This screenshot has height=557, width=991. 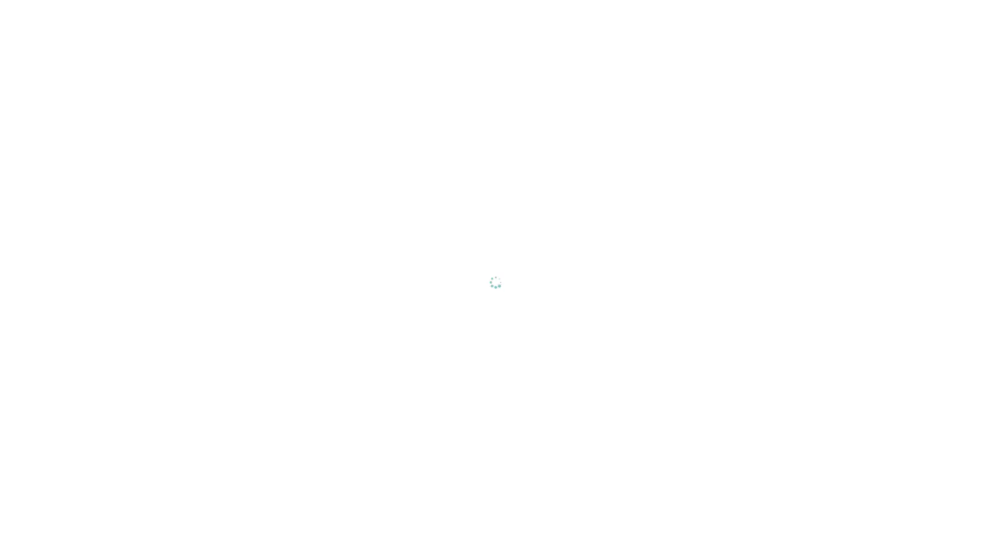 What do you see at coordinates (616, 117) in the screenshot?
I see `Accept All Cookies` at bounding box center [616, 117].